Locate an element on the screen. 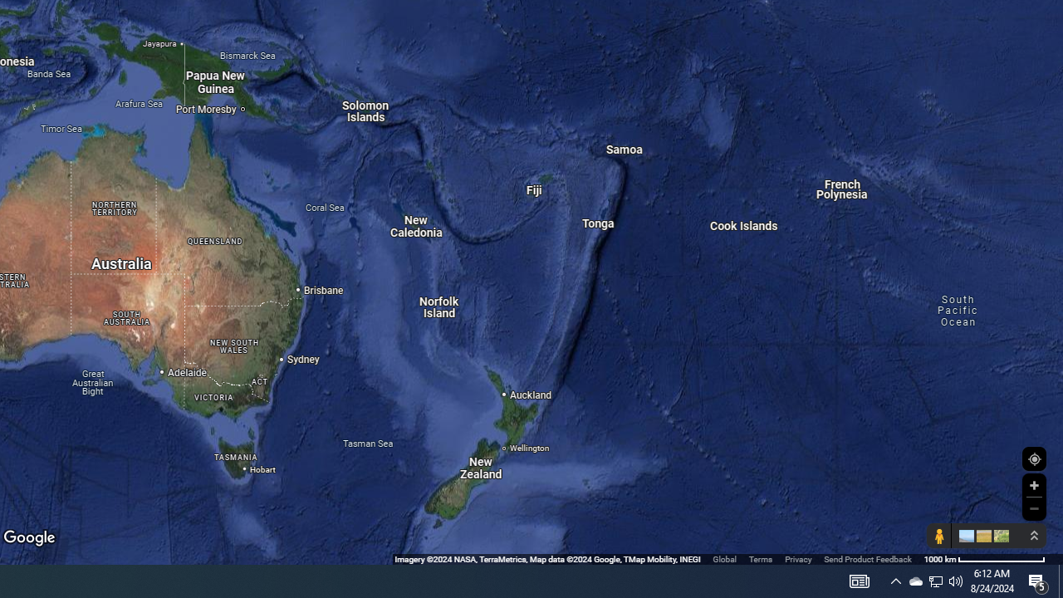 The height and width of the screenshot is (598, 1063). '1000 km' is located at coordinates (984, 559).